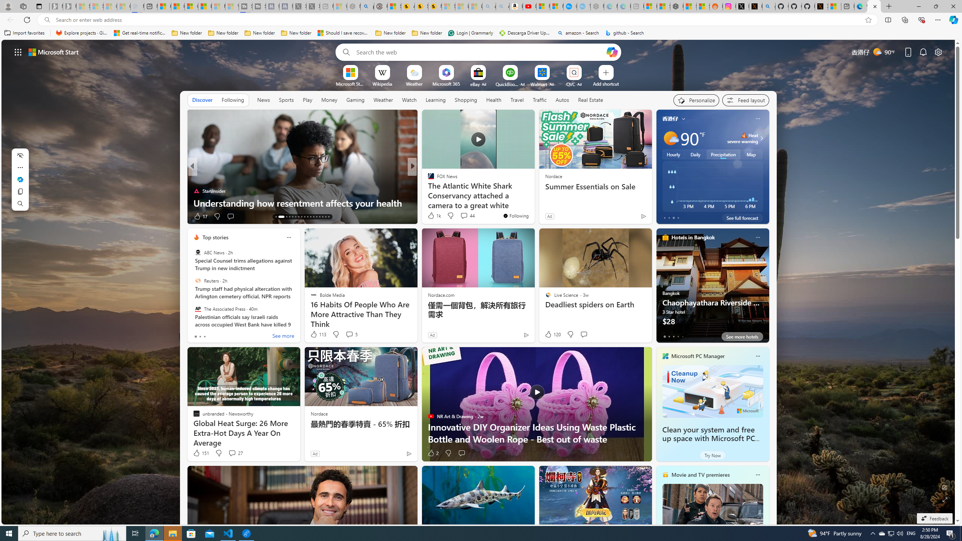 The height and width of the screenshot is (541, 962). I want to click on 'Learning', so click(435, 99).